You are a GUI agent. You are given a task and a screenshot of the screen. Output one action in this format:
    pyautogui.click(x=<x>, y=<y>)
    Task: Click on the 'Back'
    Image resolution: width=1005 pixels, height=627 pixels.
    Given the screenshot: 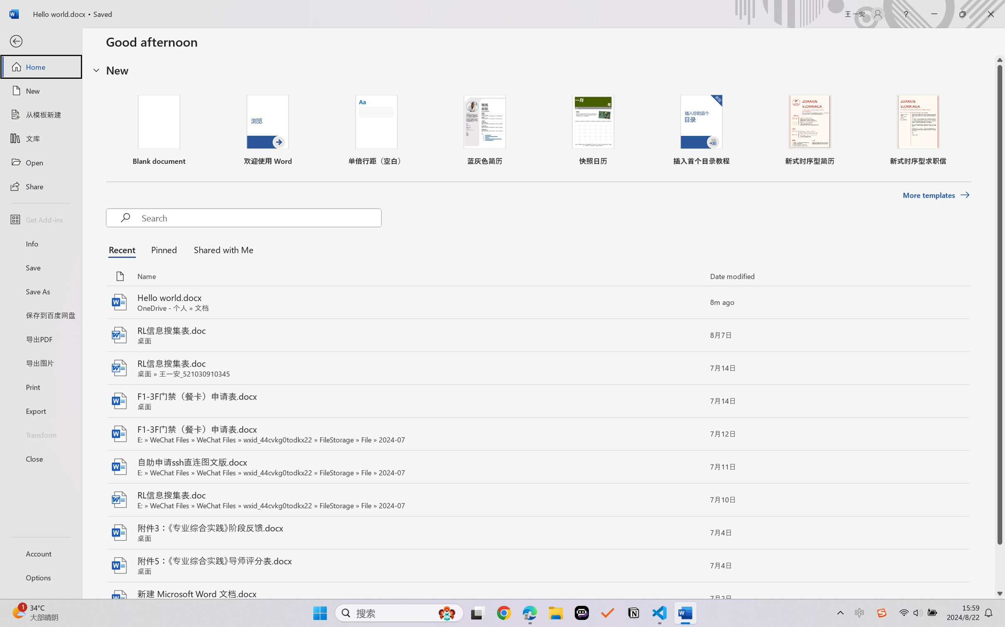 What is the action you would take?
    pyautogui.click(x=40, y=41)
    